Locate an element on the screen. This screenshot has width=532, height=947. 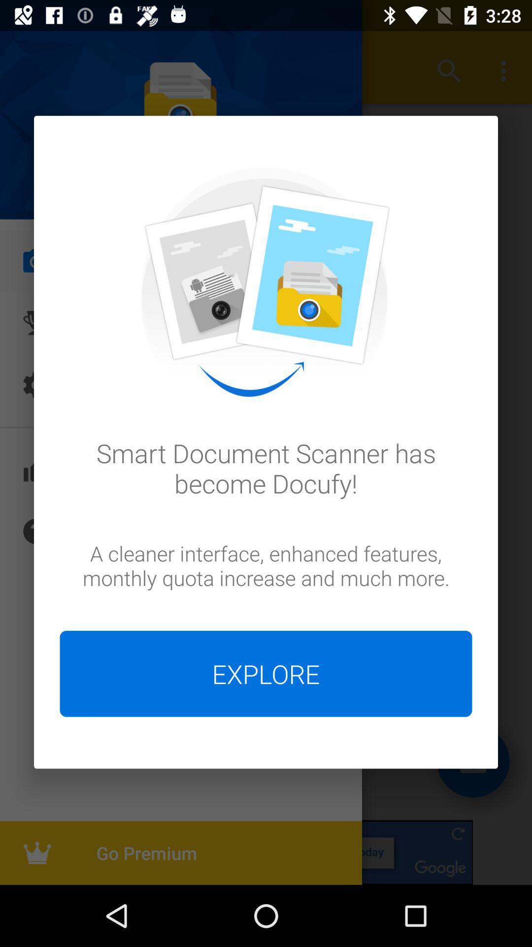
icon below a cleaner interface is located at coordinates (266, 673).